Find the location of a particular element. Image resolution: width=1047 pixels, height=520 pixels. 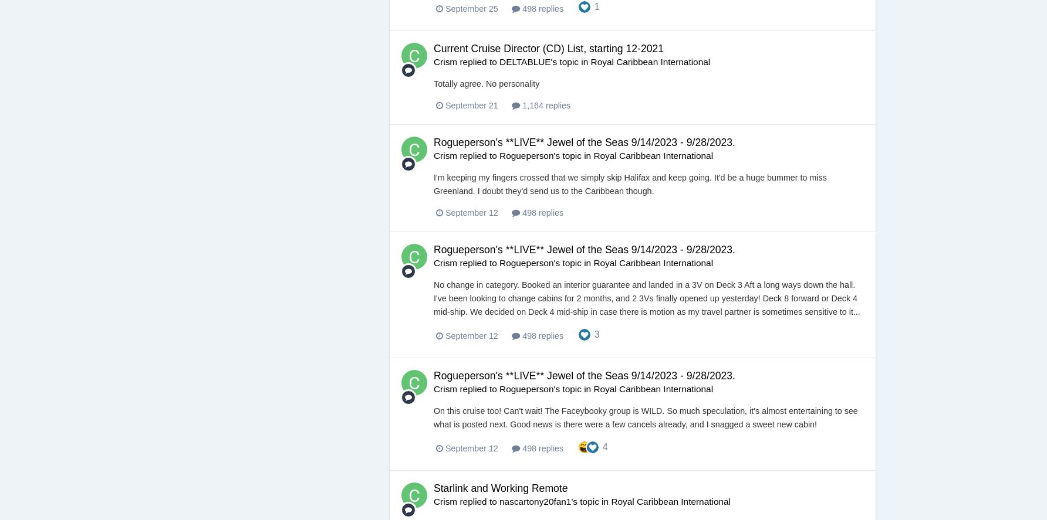

'On this cruise too! Can't wait! The Faceybooky group is WILD. So much speculation, it's almost entertaining to see what is posted next.
 


	 
 


	Good news is there were a few cancels already, and I snagged a sweet new cabin!' is located at coordinates (645, 417).